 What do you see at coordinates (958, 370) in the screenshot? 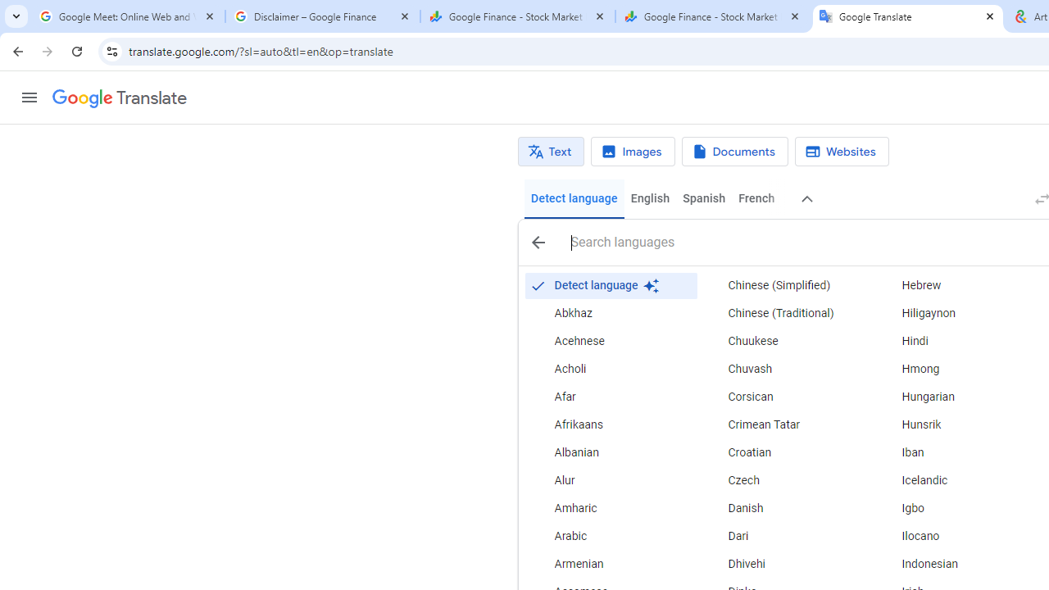
I see `'Hmong'` at bounding box center [958, 370].